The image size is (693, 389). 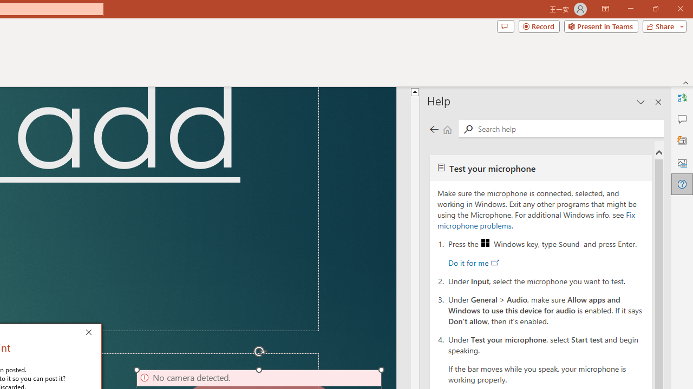 I want to click on 'Fix microphone problems', so click(x=536, y=219).